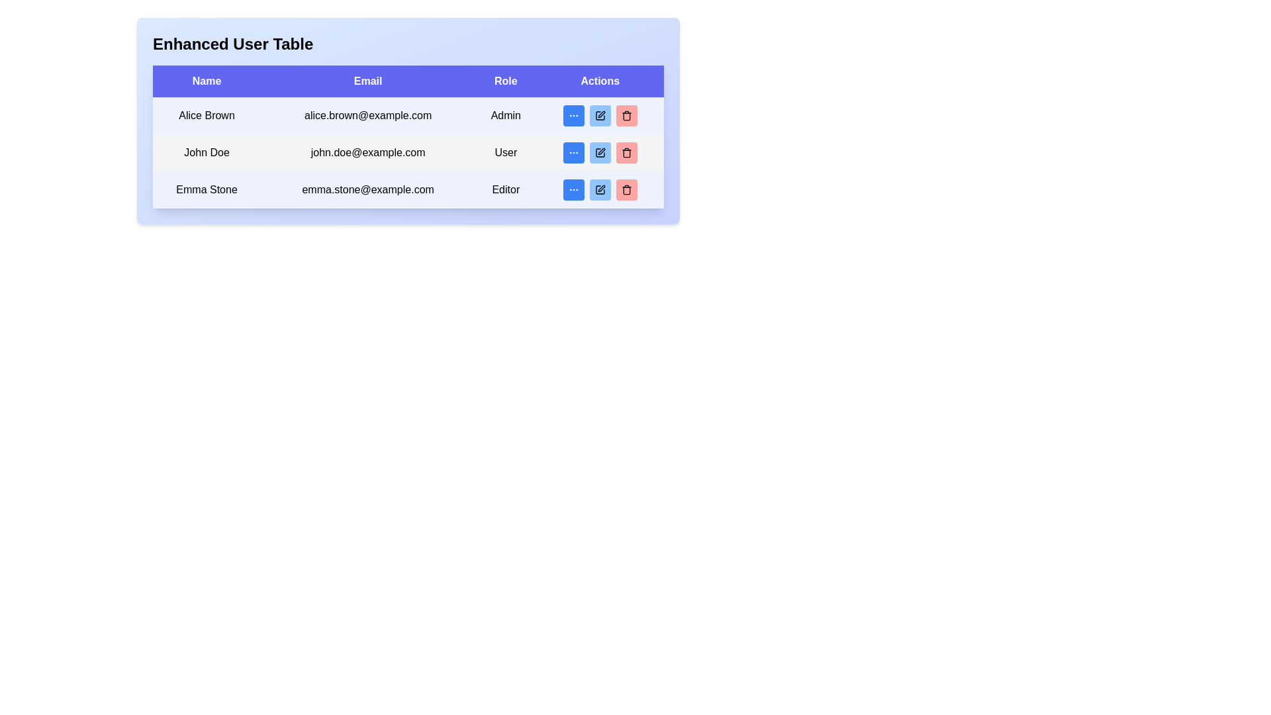 This screenshot has height=715, width=1271. What do you see at coordinates (599, 115) in the screenshot?
I see `the editing button for the row labeled 'Alice Brown' to enable keyboard navigation` at bounding box center [599, 115].